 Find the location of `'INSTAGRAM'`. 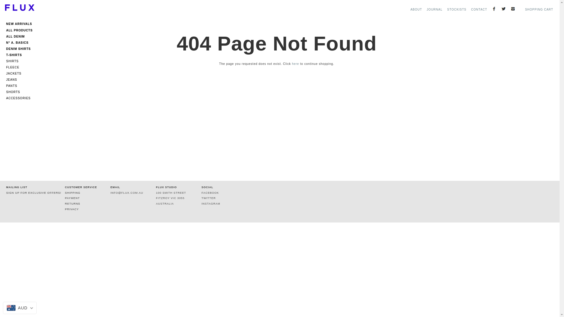

'INSTAGRAM' is located at coordinates (211, 203).